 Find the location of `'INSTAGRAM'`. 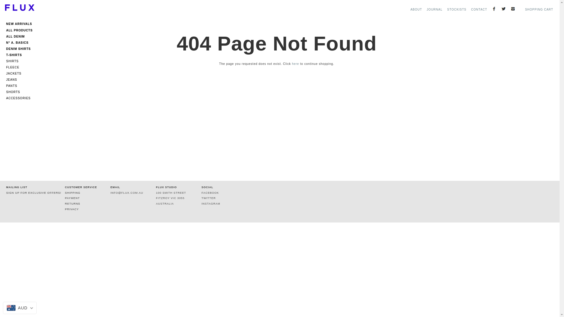

'INSTAGRAM' is located at coordinates (211, 203).